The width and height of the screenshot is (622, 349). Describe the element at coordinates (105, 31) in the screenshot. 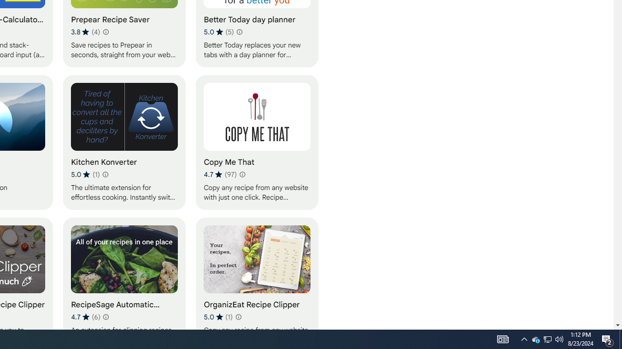

I see `'Learn more about results and reviews "Prepear Recipe Saver"'` at that location.